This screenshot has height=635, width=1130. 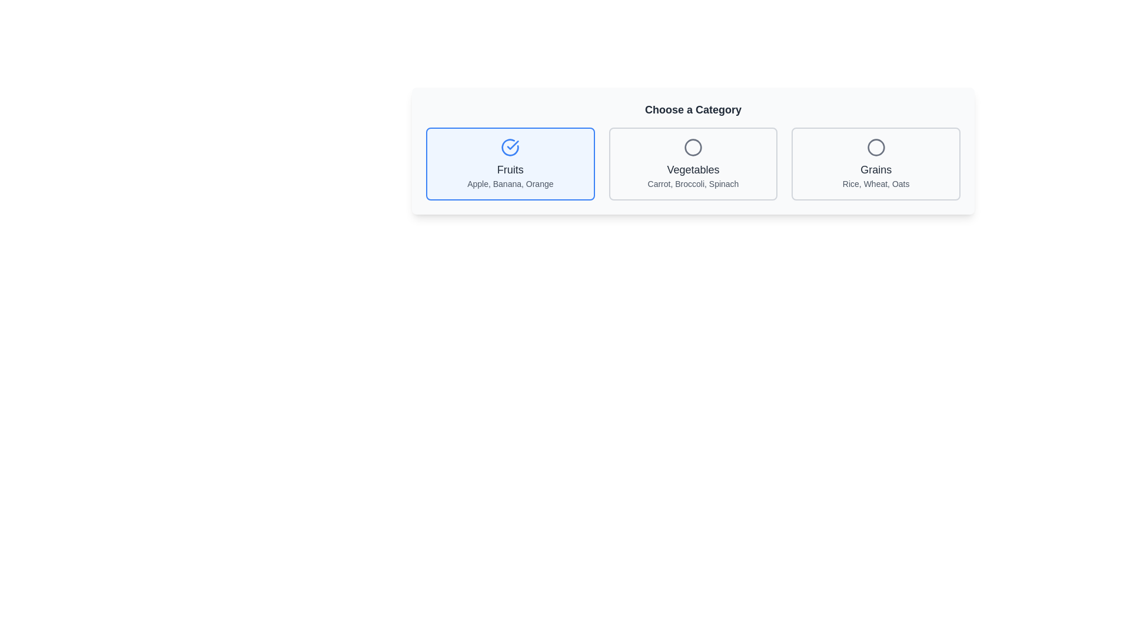 I want to click on the static text field displaying the list of items in the 'Fruits' category, located within the first card of a horizontal selection menu, so click(x=510, y=183).